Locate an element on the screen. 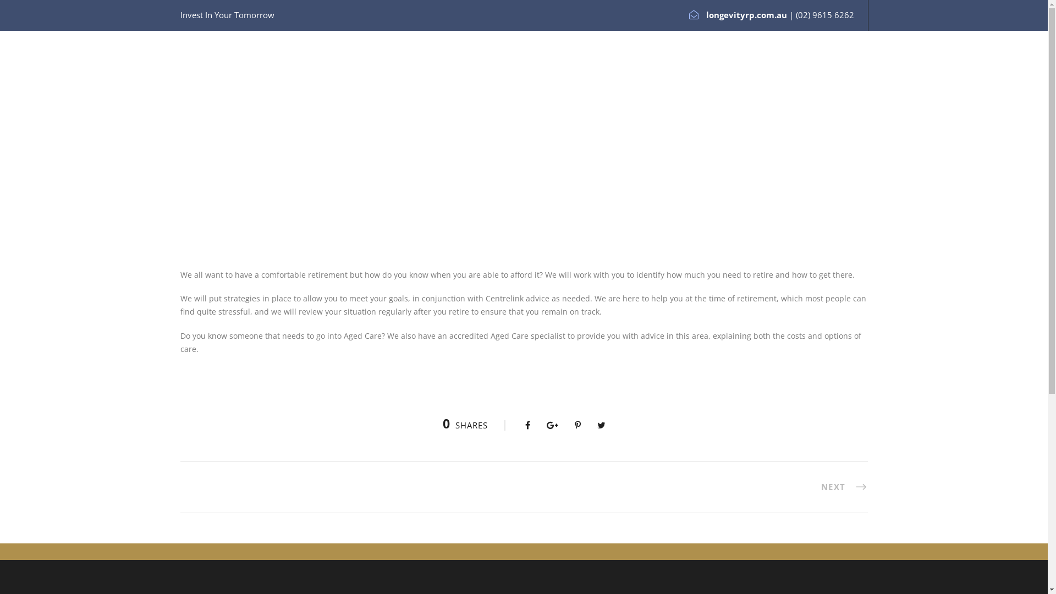  'Header_Logo' is located at coordinates (207, 70).